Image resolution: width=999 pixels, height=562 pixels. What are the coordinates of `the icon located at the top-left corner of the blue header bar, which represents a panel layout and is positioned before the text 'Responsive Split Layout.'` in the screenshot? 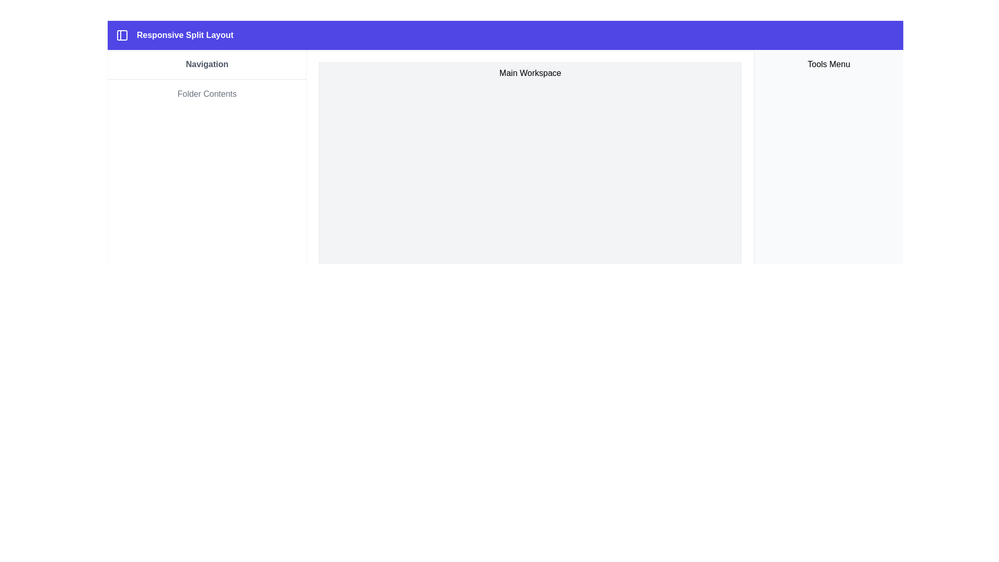 It's located at (122, 35).